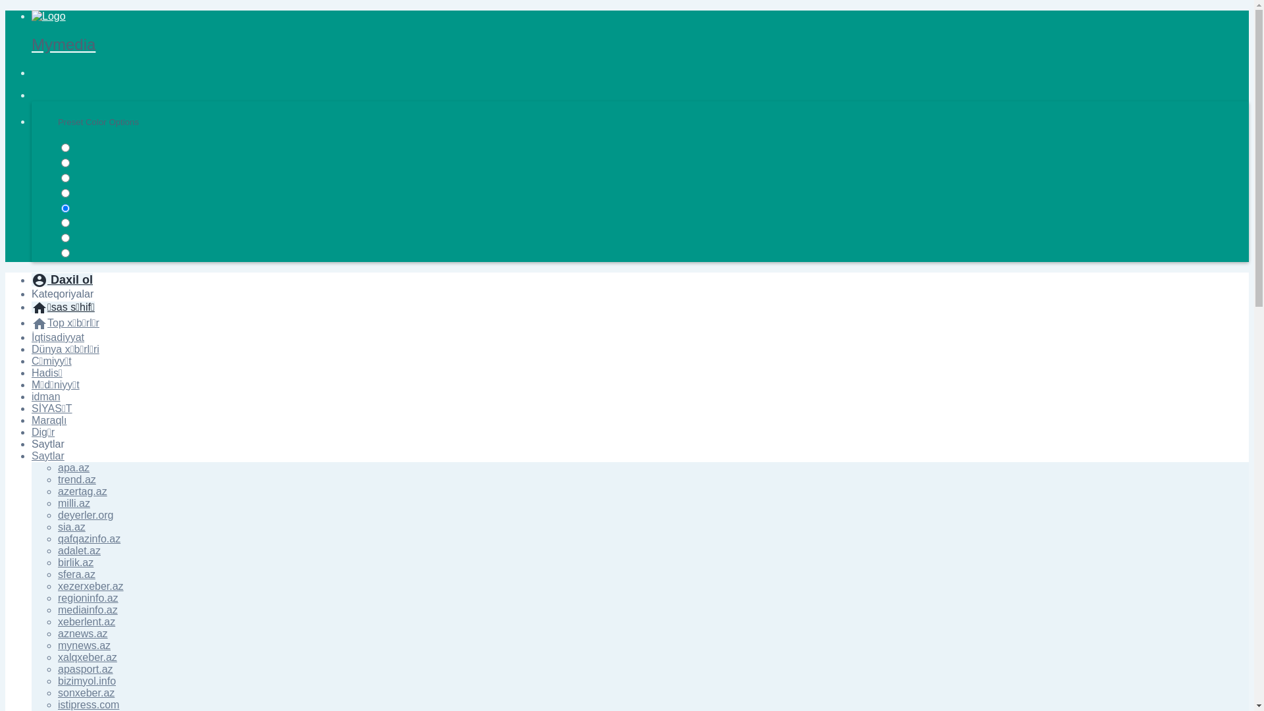  I want to click on 'milli.az', so click(73, 503).